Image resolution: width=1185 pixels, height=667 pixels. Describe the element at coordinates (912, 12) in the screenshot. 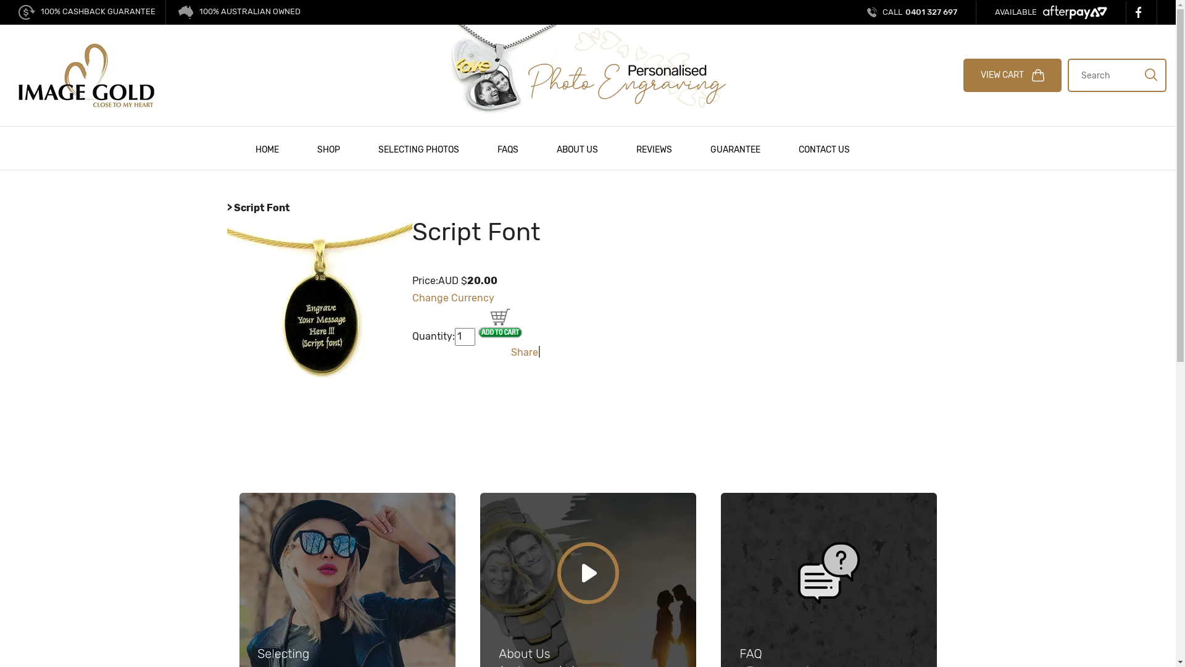

I see `'CALL0401 327 697'` at that location.